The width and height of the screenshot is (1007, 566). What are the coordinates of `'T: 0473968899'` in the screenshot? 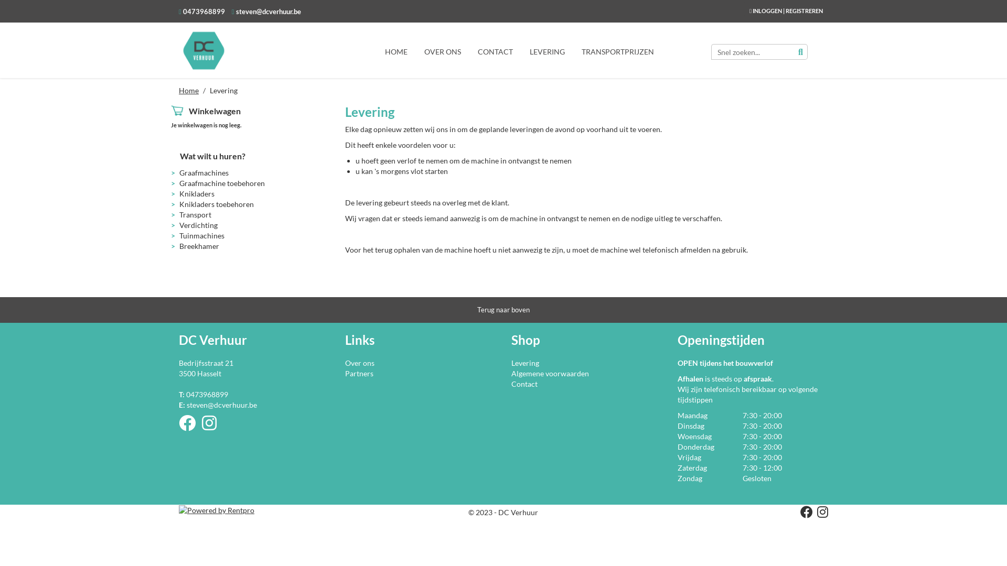 It's located at (203, 394).